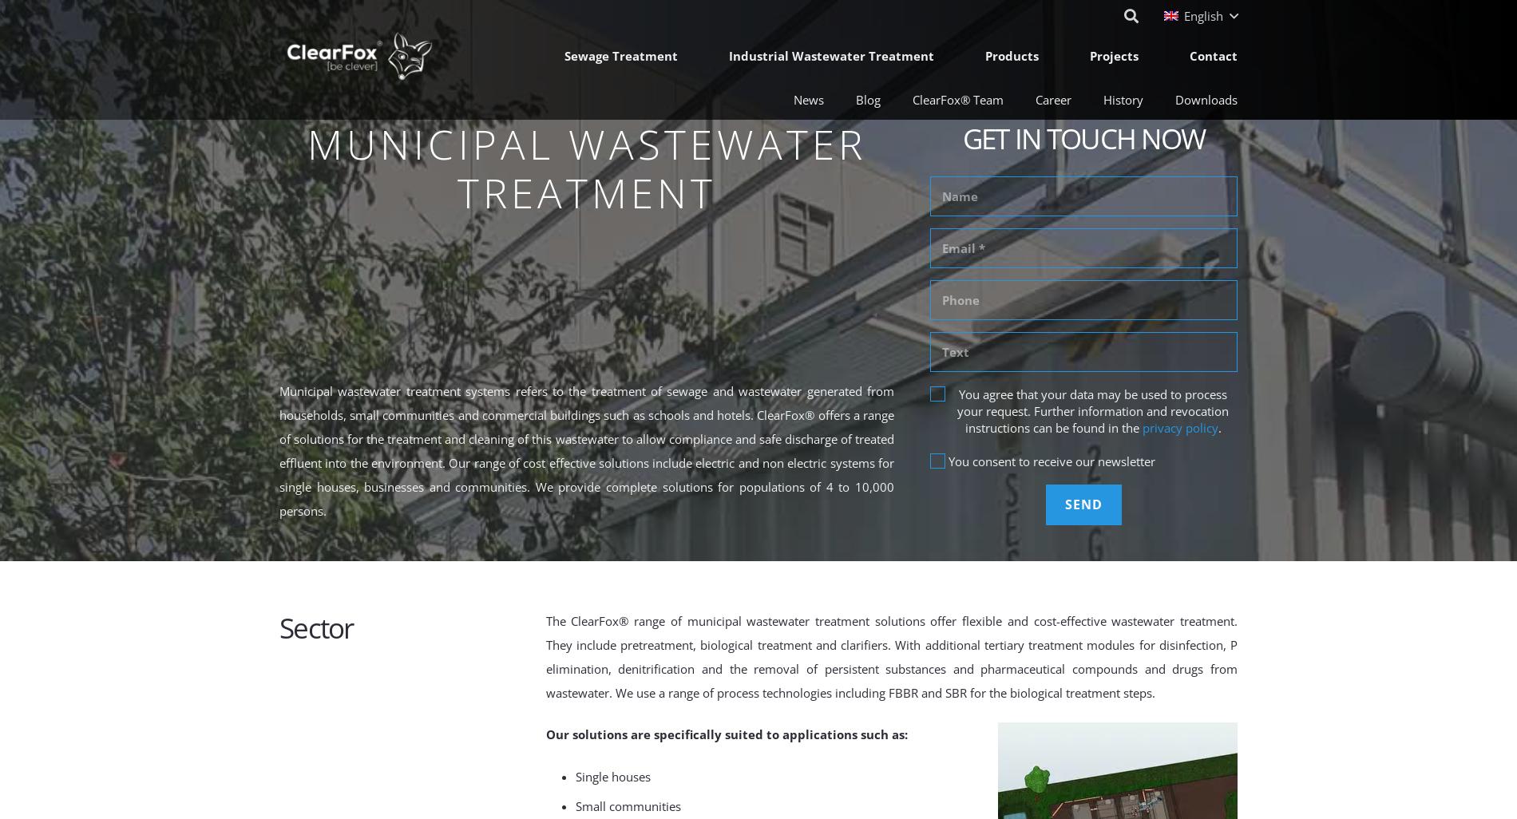 The width and height of the screenshot is (1517, 819). I want to click on 'English', so click(1203, 16).